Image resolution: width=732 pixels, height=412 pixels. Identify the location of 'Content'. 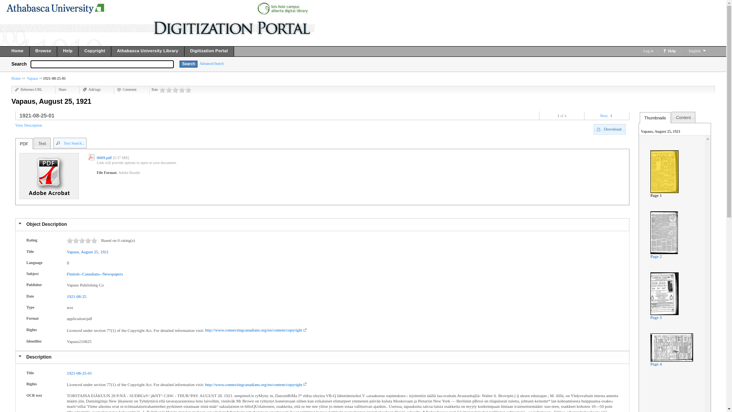
(683, 117).